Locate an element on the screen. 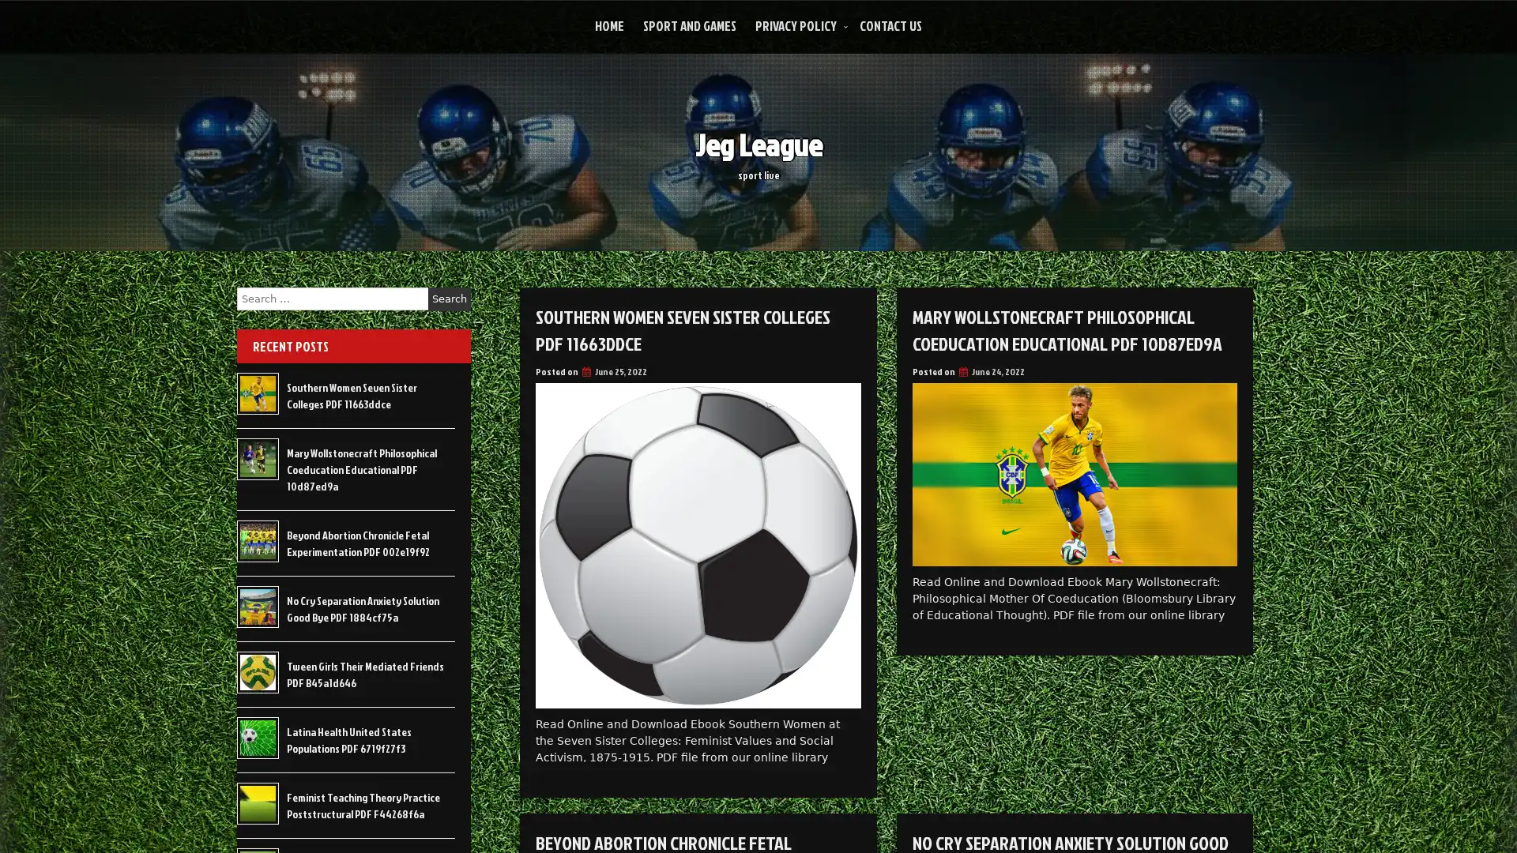 This screenshot has width=1517, height=853. Search is located at coordinates (449, 299).